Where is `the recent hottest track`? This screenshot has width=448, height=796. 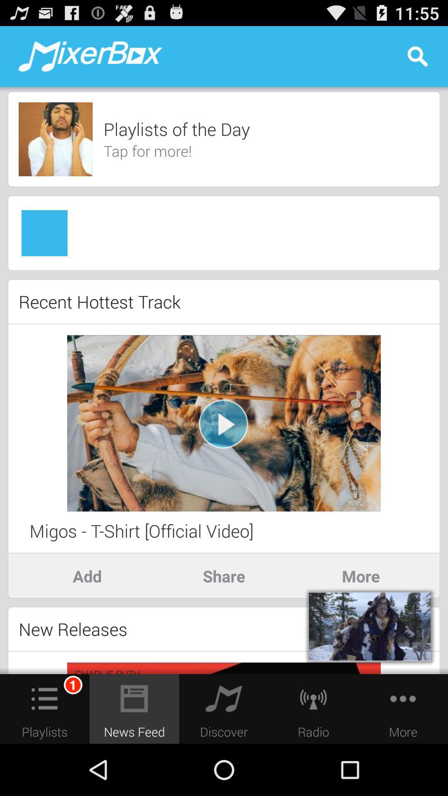 the recent hottest track is located at coordinates (99, 301).